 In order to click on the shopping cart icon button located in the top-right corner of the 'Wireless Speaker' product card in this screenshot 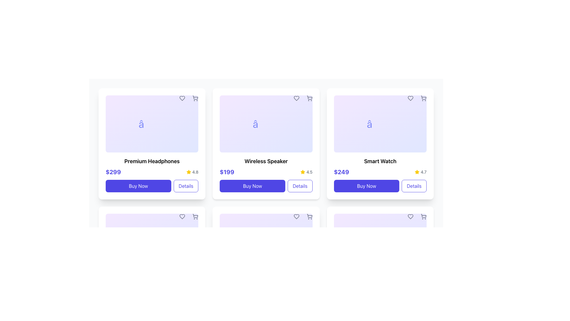, I will do `click(309, 98)`.